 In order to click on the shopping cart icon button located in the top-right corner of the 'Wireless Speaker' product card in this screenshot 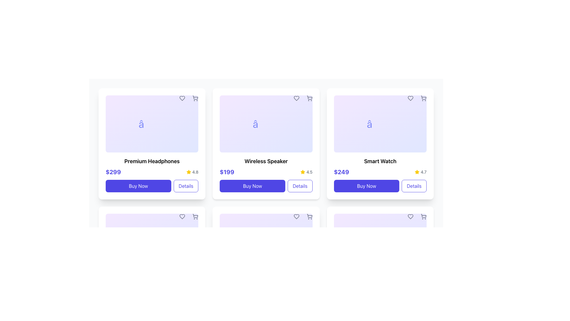, I will do `click(309, 98)`.